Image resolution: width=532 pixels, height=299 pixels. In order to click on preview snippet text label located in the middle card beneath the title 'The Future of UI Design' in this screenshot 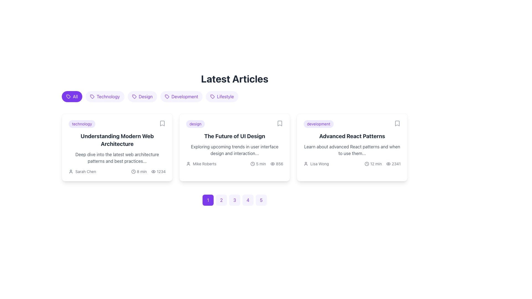, I will do `click(234, 150)`.